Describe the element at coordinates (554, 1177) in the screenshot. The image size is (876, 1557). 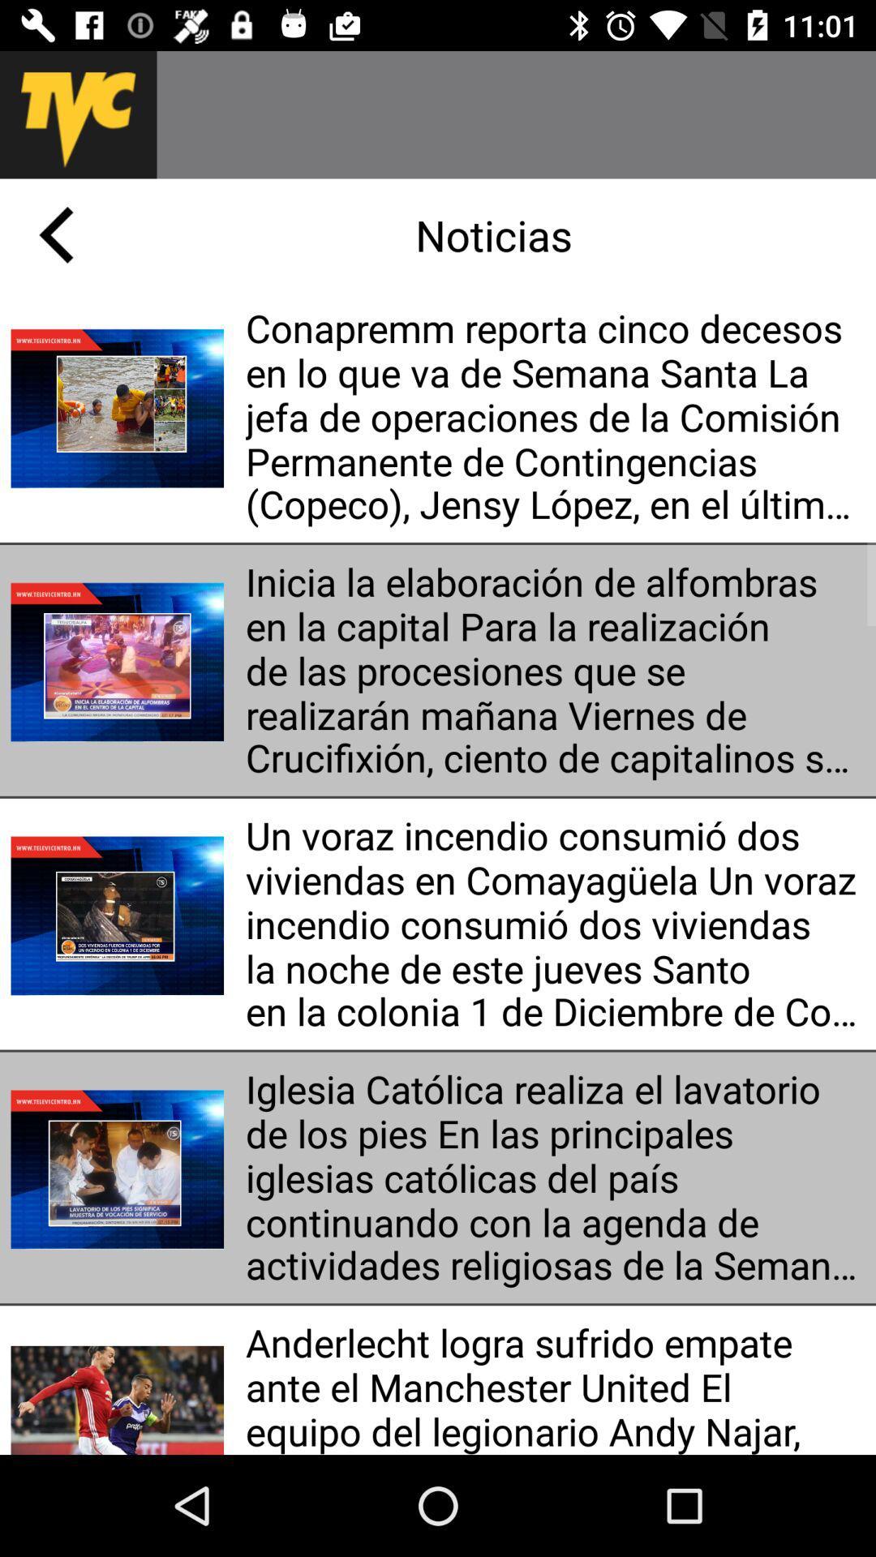
I see `icon below the un voraz incendio app` at that location.